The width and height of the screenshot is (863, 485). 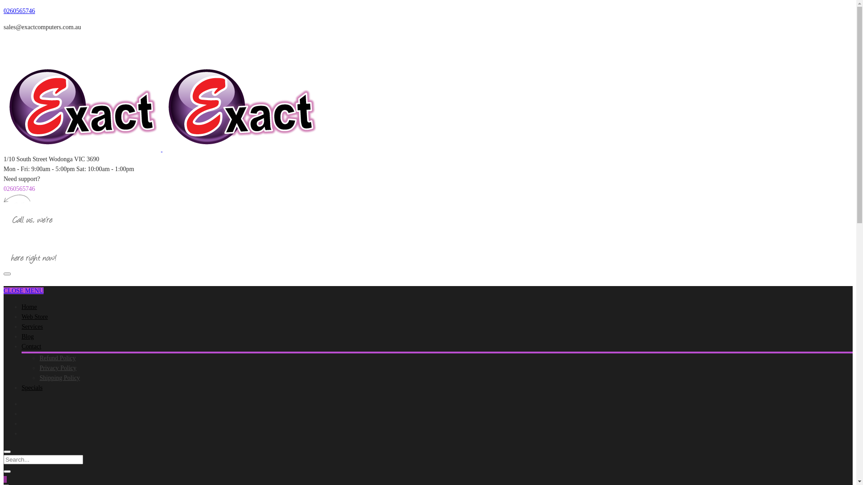 I want to click on 'Privacy Policy', so click(x=58, y=368).